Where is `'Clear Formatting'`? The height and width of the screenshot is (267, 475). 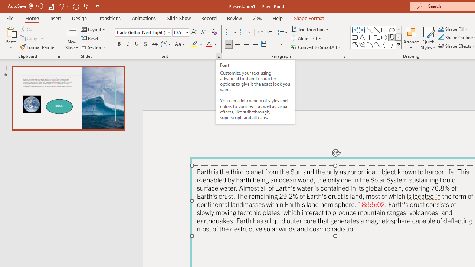
'Clear Formatting' is located at coordinates (214, 32).